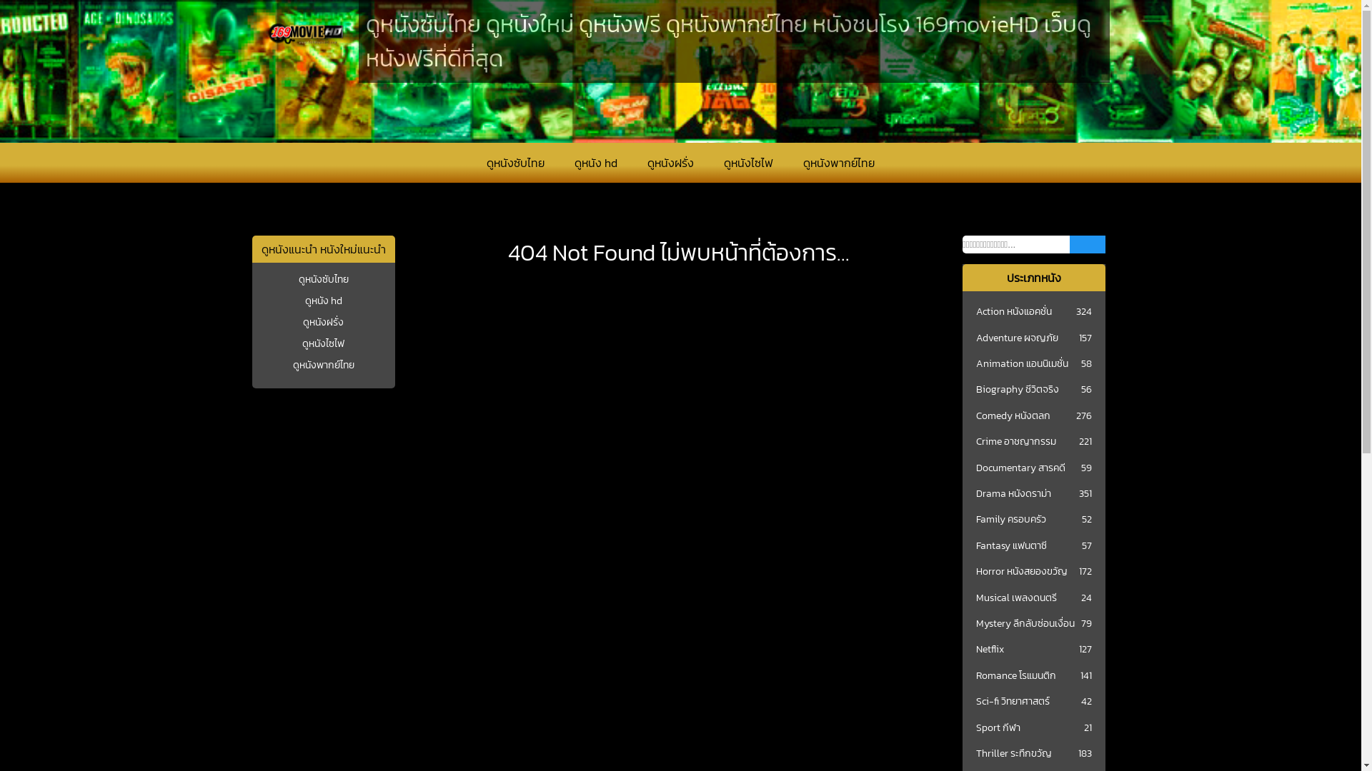 The height and width of the screenshot is (771, 1372). Describe the element at coordinates (975, 650) in the screenshot. I see `'Netflix'` at that location.